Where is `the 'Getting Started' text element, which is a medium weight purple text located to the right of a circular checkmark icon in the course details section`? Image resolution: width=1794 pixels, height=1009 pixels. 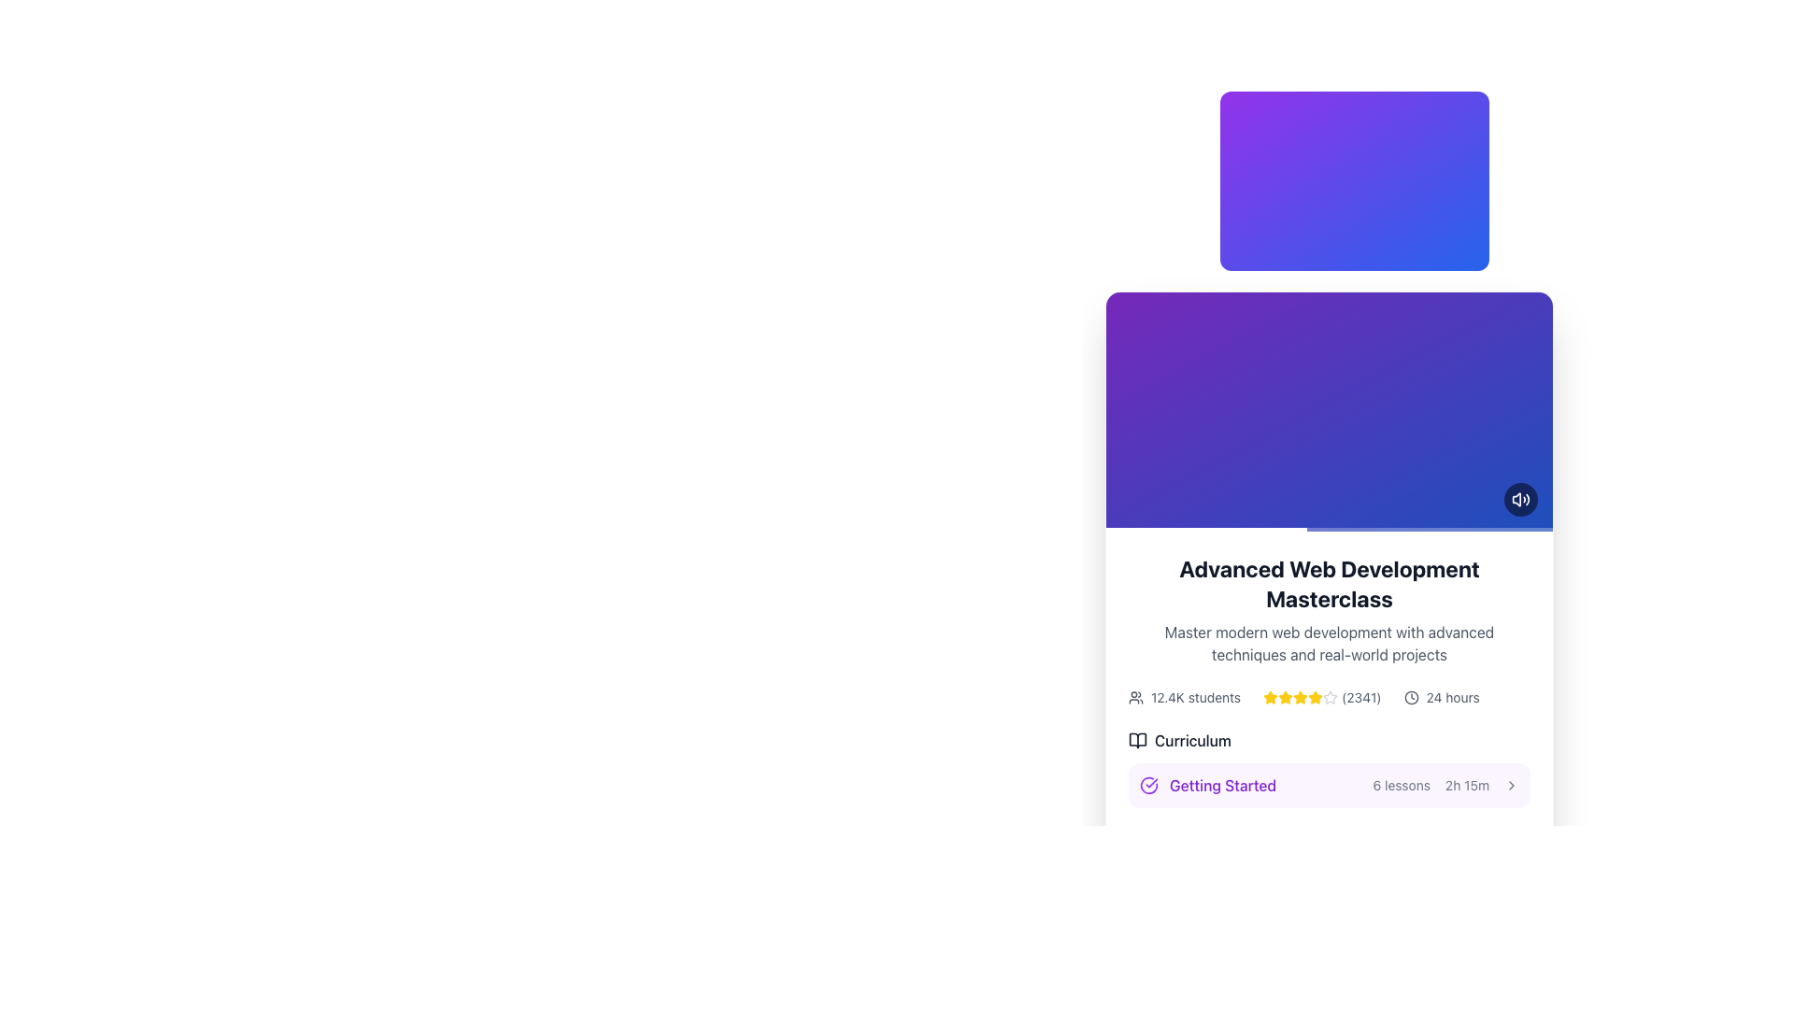 the 'Getting Started' text element, which is a medium weight purple text located to the right of a circular checkmark icon in the course details section is located at coordinates (1223, 785).